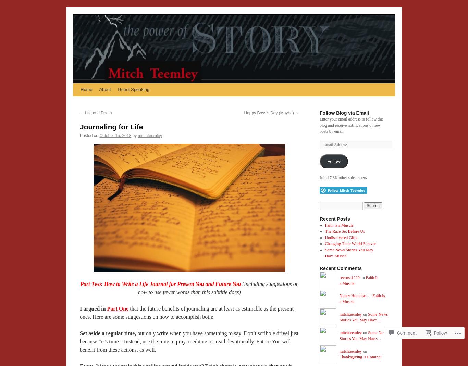  Describe the element at coordinates (84, 113) in the screenshot. I see `'Life and Death'` at that location.